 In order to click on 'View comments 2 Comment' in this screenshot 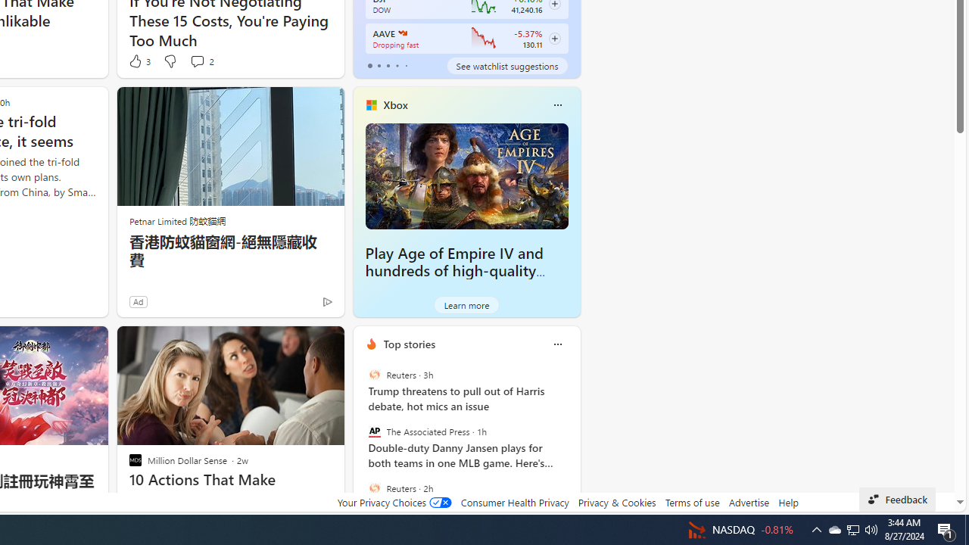, I will do `click(196, 61)`.